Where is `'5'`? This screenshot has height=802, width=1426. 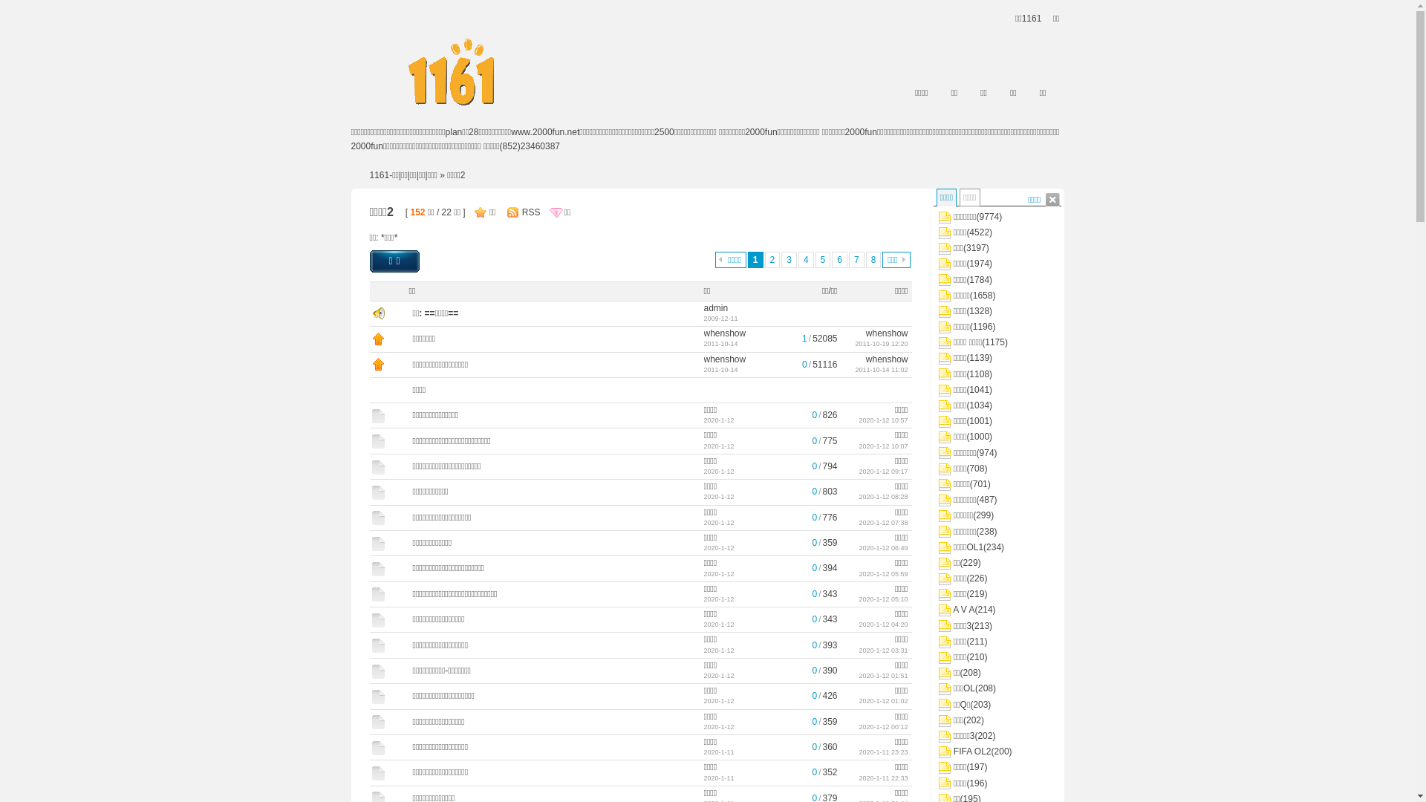 '5' is located at coordinates (822, 259).